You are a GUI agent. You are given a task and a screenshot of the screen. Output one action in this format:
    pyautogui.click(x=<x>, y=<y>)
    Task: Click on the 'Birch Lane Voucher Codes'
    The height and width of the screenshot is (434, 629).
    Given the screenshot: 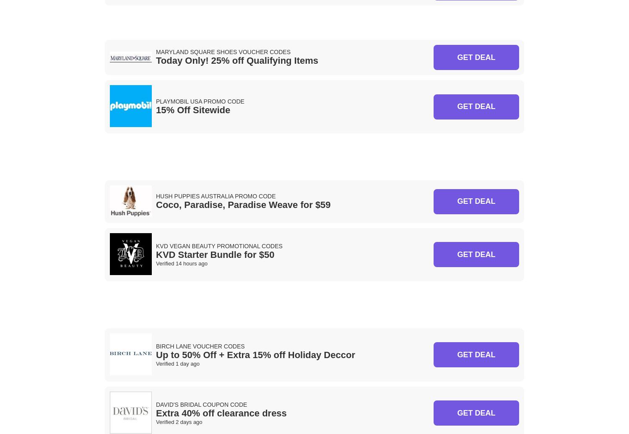 What is the action you would take?
    pyautogui.click(x=200, y=345)
    